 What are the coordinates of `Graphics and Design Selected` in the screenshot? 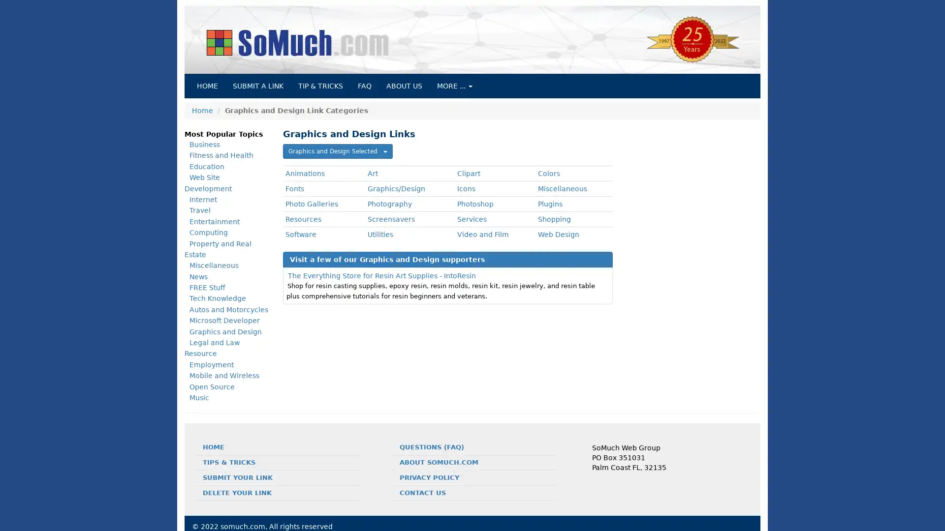 It's located at (338, 151).